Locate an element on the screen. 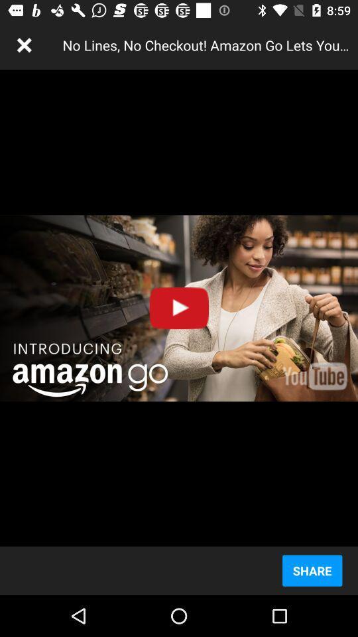  the icon above share item is located at coordinates (179, 308).